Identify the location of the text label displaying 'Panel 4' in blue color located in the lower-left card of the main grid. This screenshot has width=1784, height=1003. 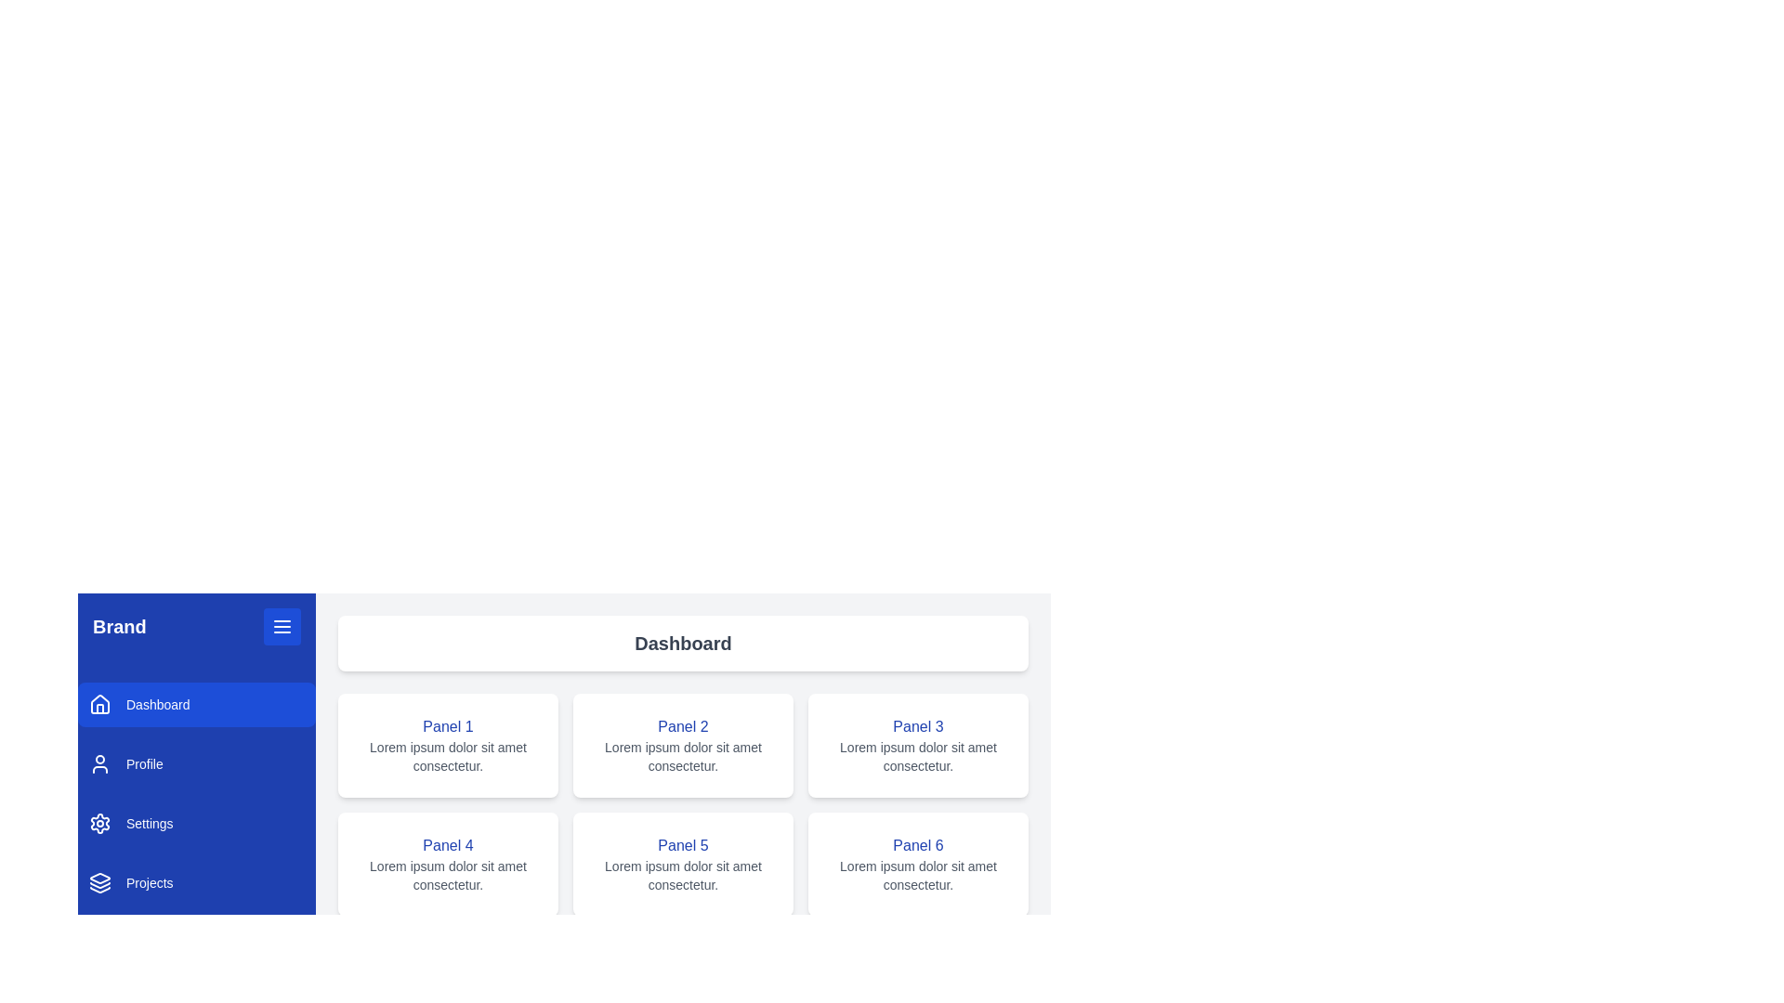
(448, 845).